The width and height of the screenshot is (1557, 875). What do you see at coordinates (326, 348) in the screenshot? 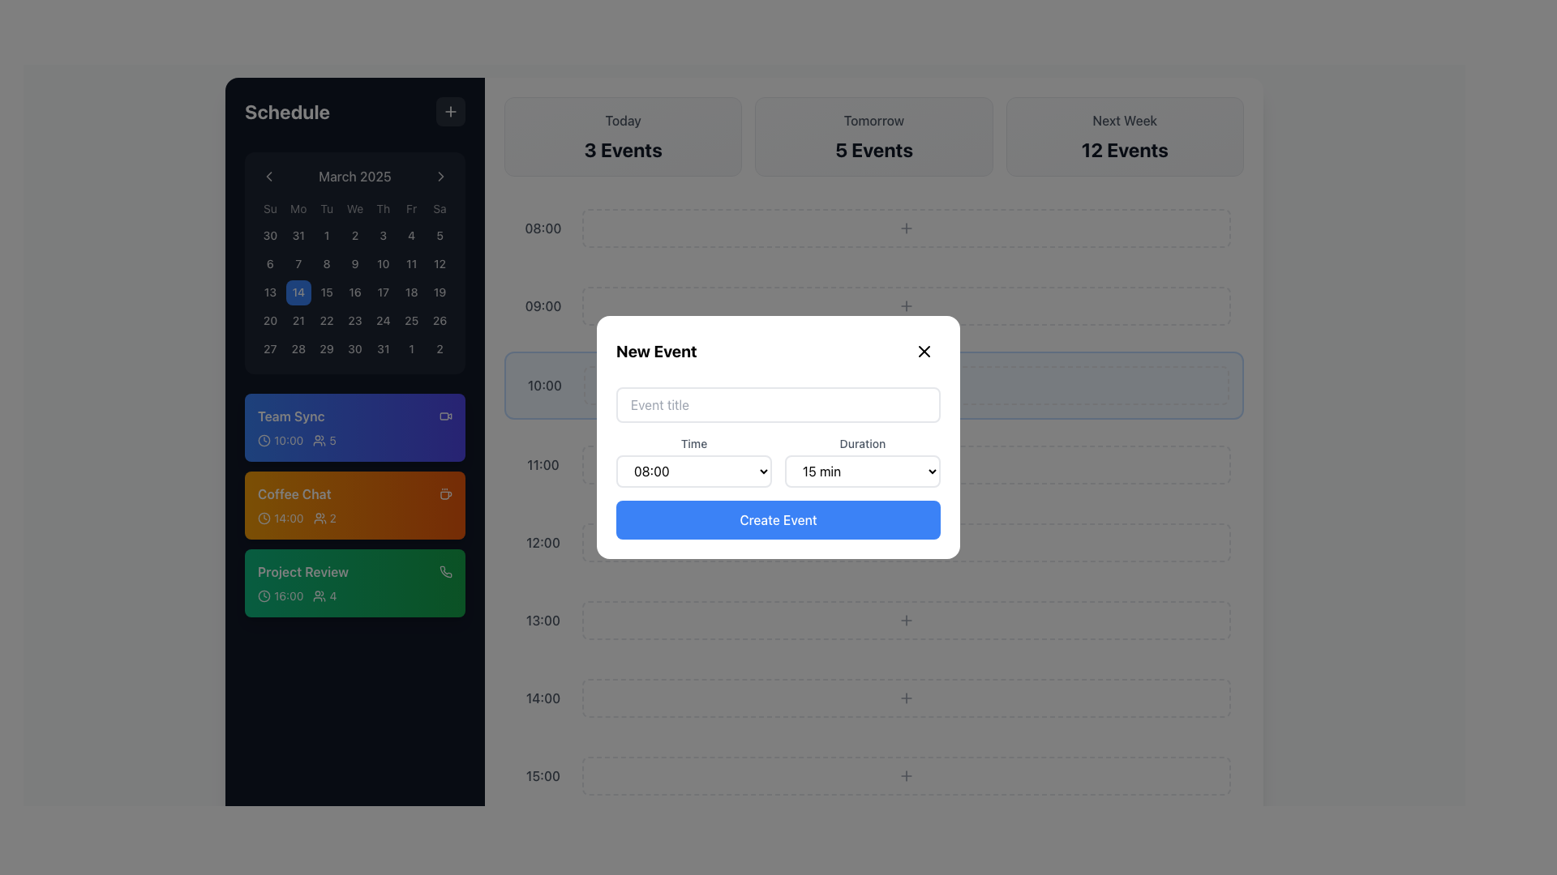
I see `the numerical button displaying '29' located in the bottom-right corner of the calendar grid` at bounding box center [326, 348].